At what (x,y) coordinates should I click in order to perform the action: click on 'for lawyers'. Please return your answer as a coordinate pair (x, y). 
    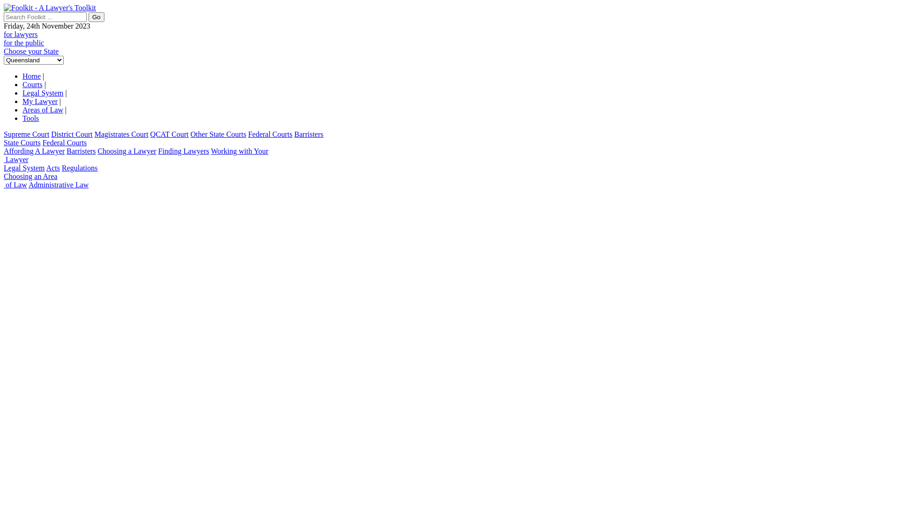
    Looking at the image, I should click on (20, 34).